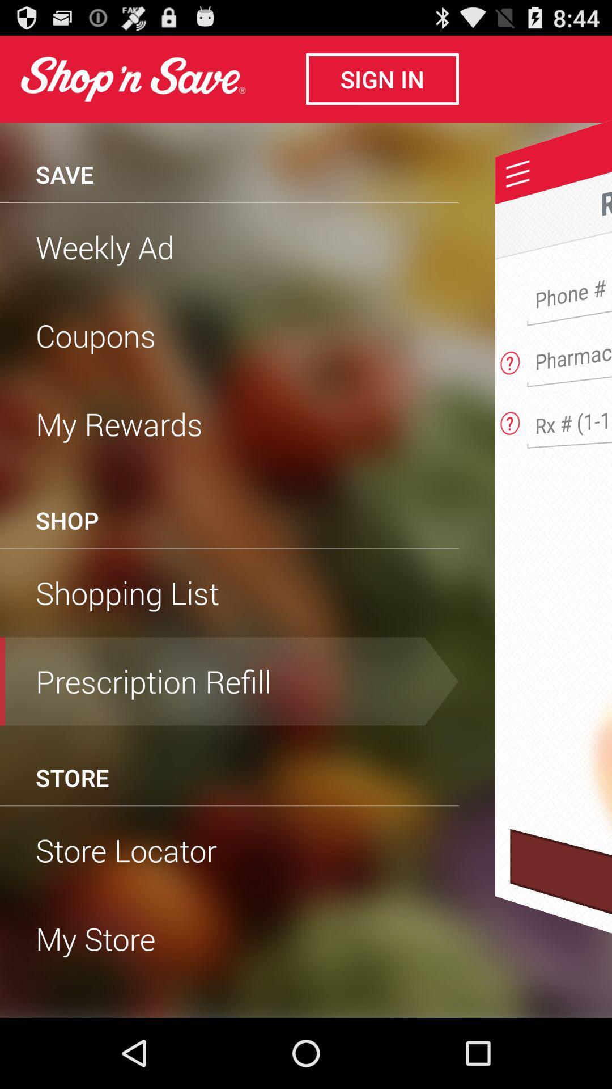 The width and height of the screenshot is (612, 1089). I want to click on item next to the refill a prescription, so click(229, 202).